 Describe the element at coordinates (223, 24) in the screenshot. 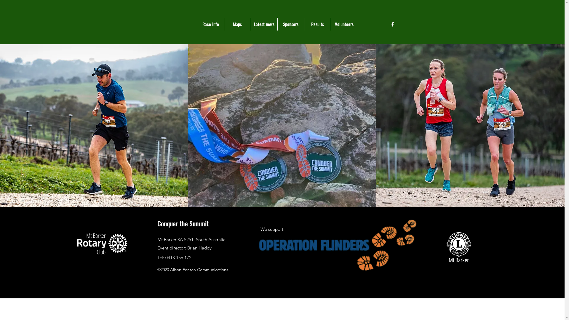

I see `'Maps'` at that location.